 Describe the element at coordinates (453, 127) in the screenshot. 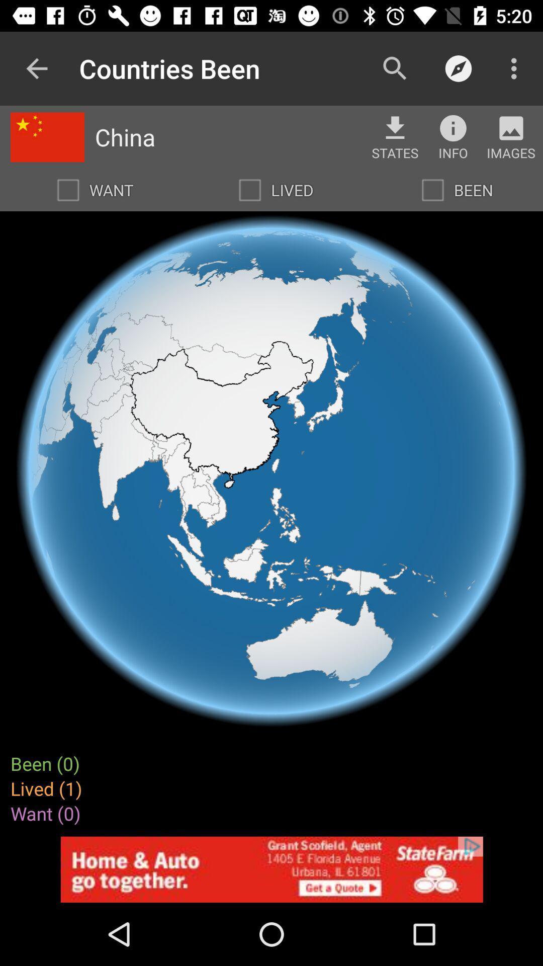

I see `show information` at that location.